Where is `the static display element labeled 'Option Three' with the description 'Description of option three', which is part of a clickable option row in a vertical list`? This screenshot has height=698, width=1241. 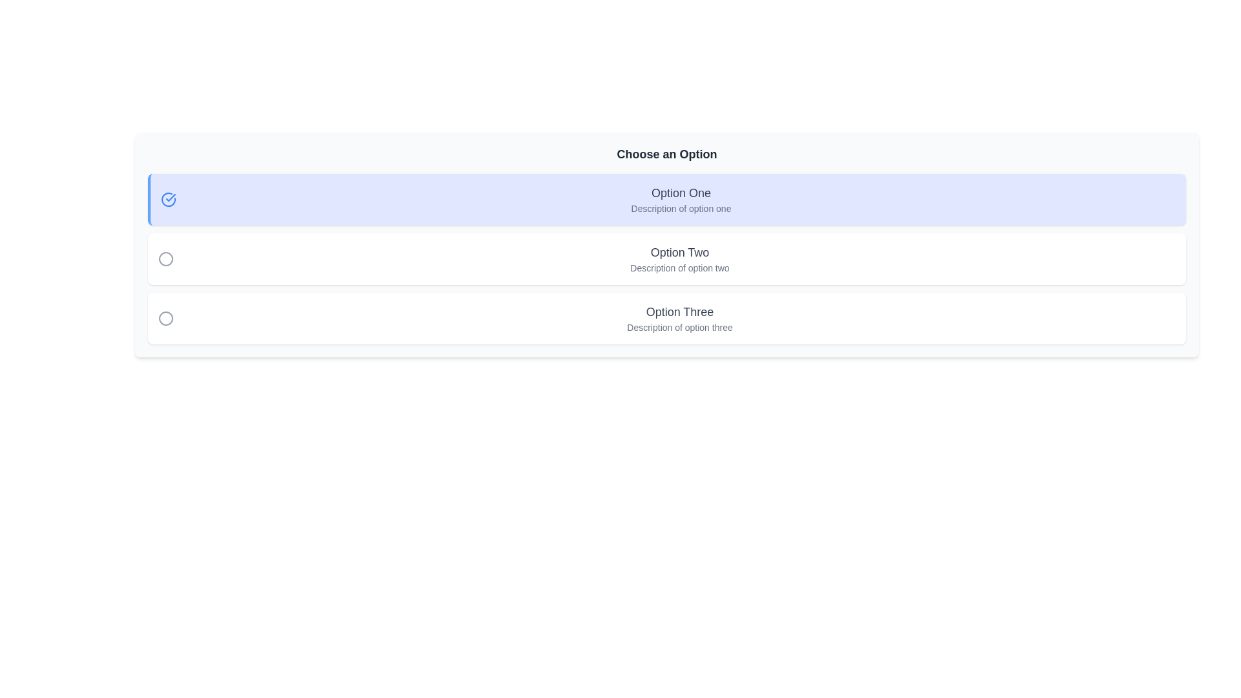
the static display element labeled 'Option Three' with the description 'Description of option three', which is part of a clickable option row in a vertical list is located at coordinates (679, 319).